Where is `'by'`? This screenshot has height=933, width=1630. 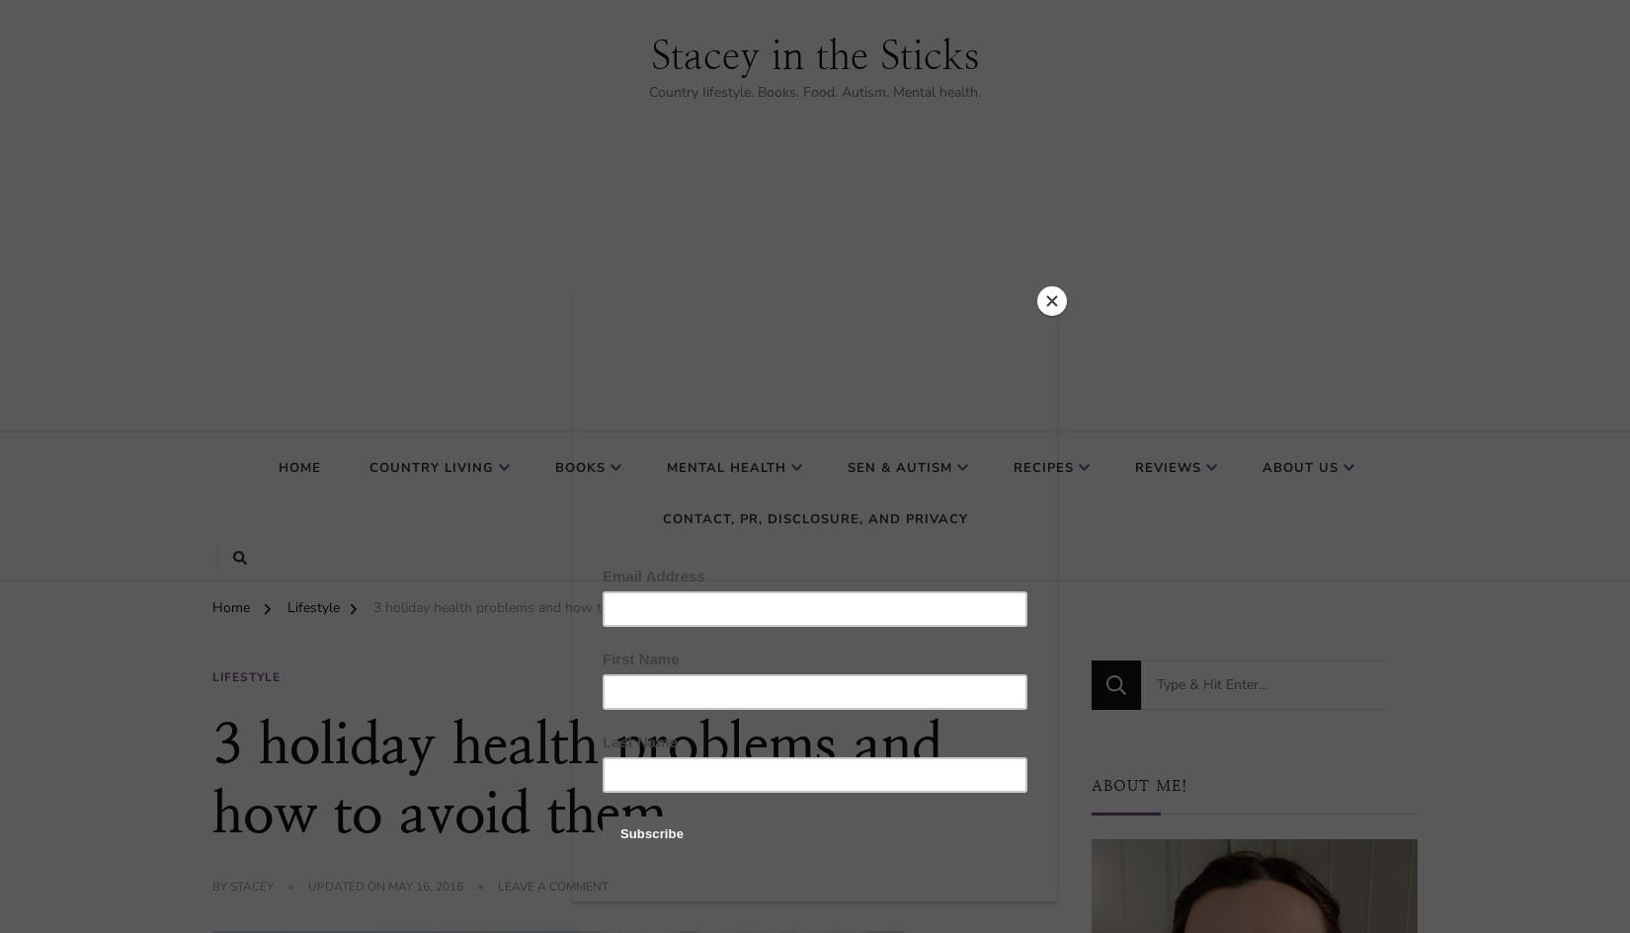
'by' is located at coordinates (221, 886).